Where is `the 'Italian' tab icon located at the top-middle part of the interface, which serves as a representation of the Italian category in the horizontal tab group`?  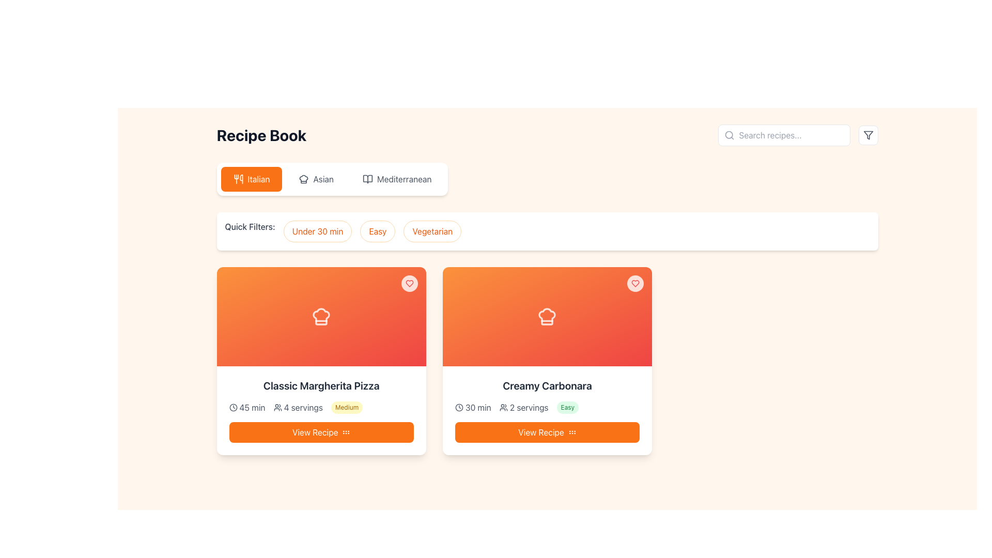
the 'Italian' tab icon located at the top-middle part of the interface, which serves as a representation of the Italian category in the horizontal tab group is located at coordinates (240, 179).